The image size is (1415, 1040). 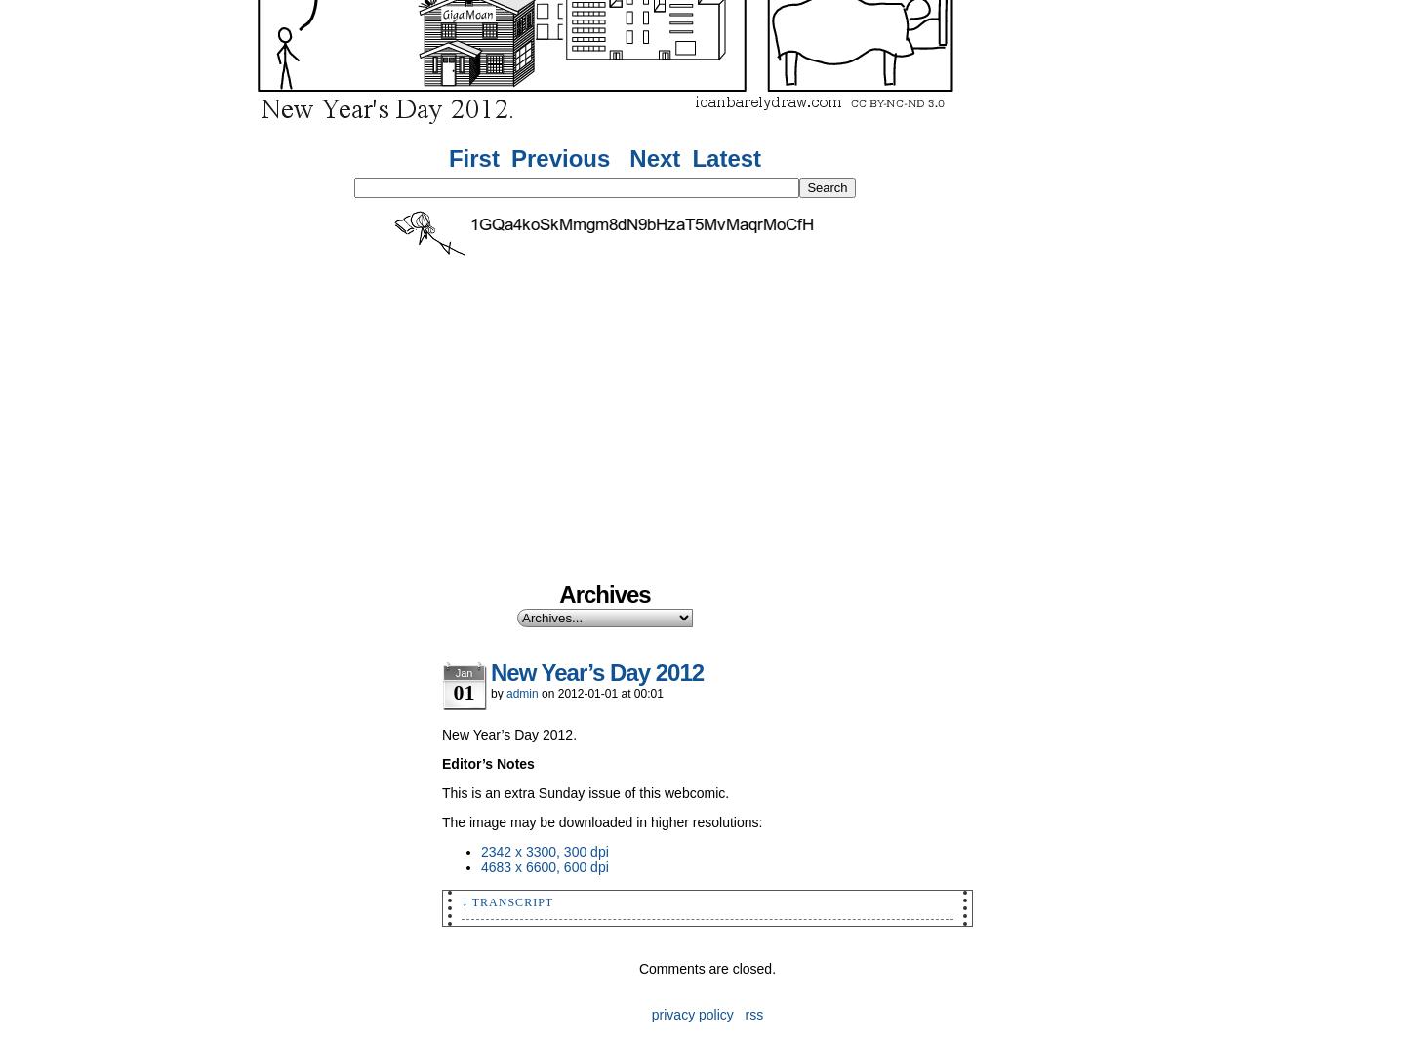 What do you see at coordinates (753, 1014) in the screenshot?
I see `'rss'` at bounding box center [753, 1014].